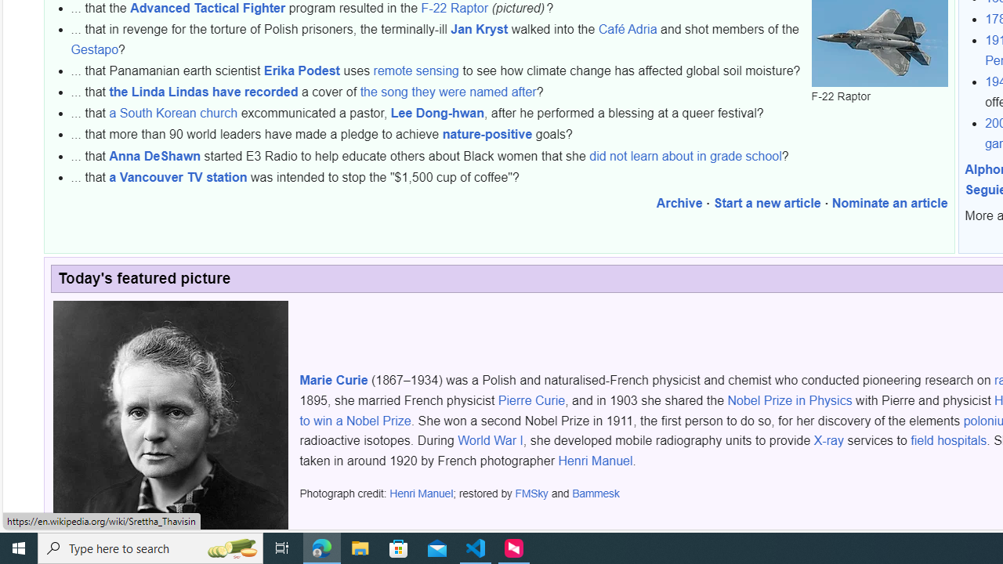 This screenshot has height=564, width=1003. Describe the element at coordinates (207, 7) in the screenshot. I see `'Advanced Tactical Fighter'` at that location.